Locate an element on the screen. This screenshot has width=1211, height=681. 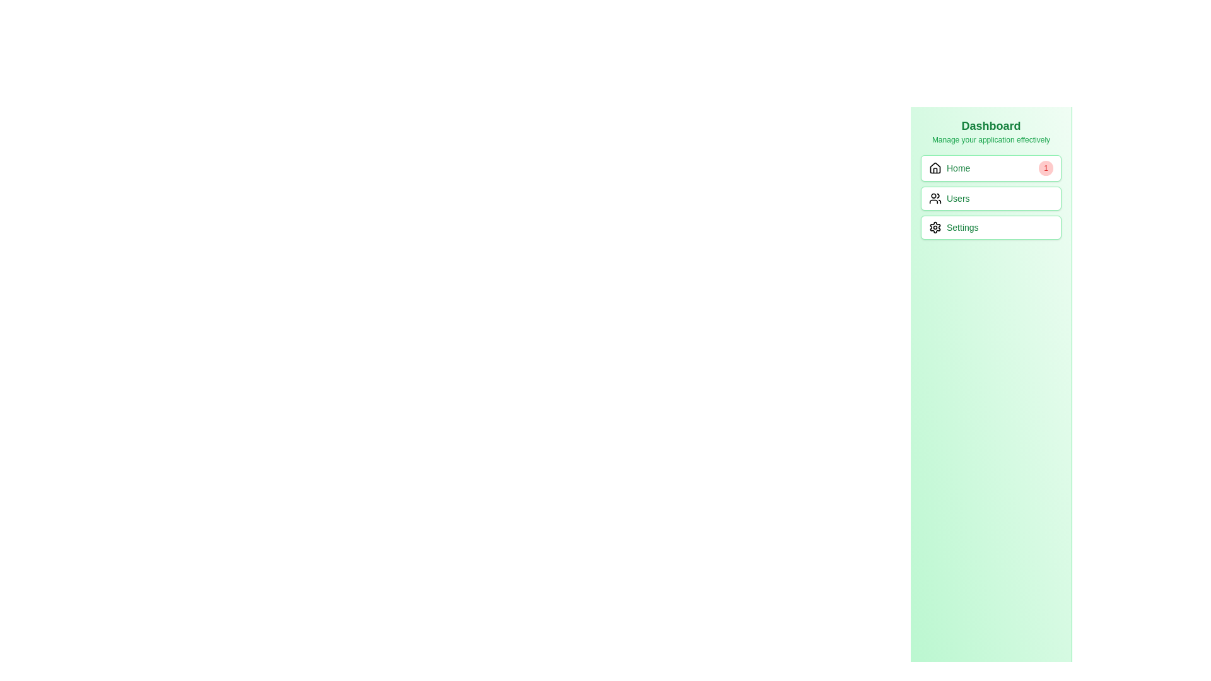
the green text label reading 'Manage your application effectively', which is positioned beneath the 'Dashboard' heading and serves as a descriptive note is located at coordinates (990, 140).